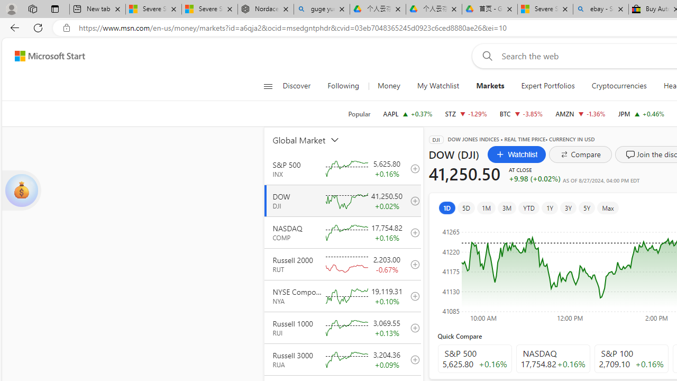  Describe the element at coordinates (587, 207) in the screenshot. I see `'5Y'` at that location.